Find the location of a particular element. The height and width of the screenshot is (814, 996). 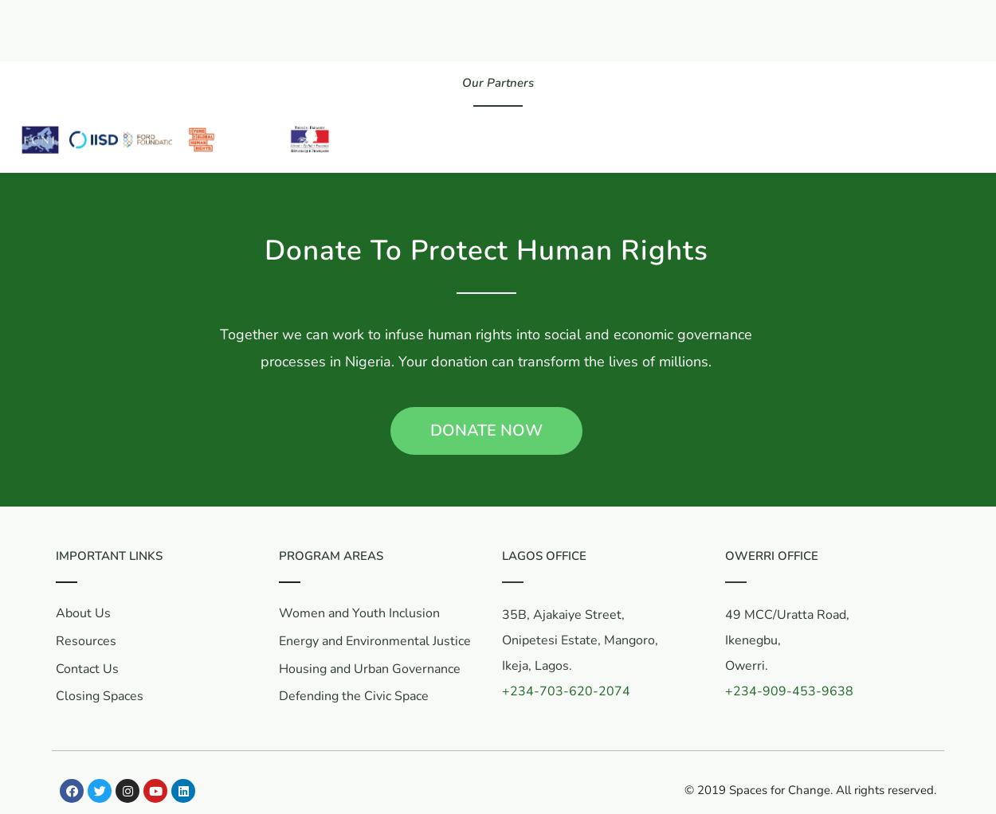

'Resources' is located at coordinates (55, 640).